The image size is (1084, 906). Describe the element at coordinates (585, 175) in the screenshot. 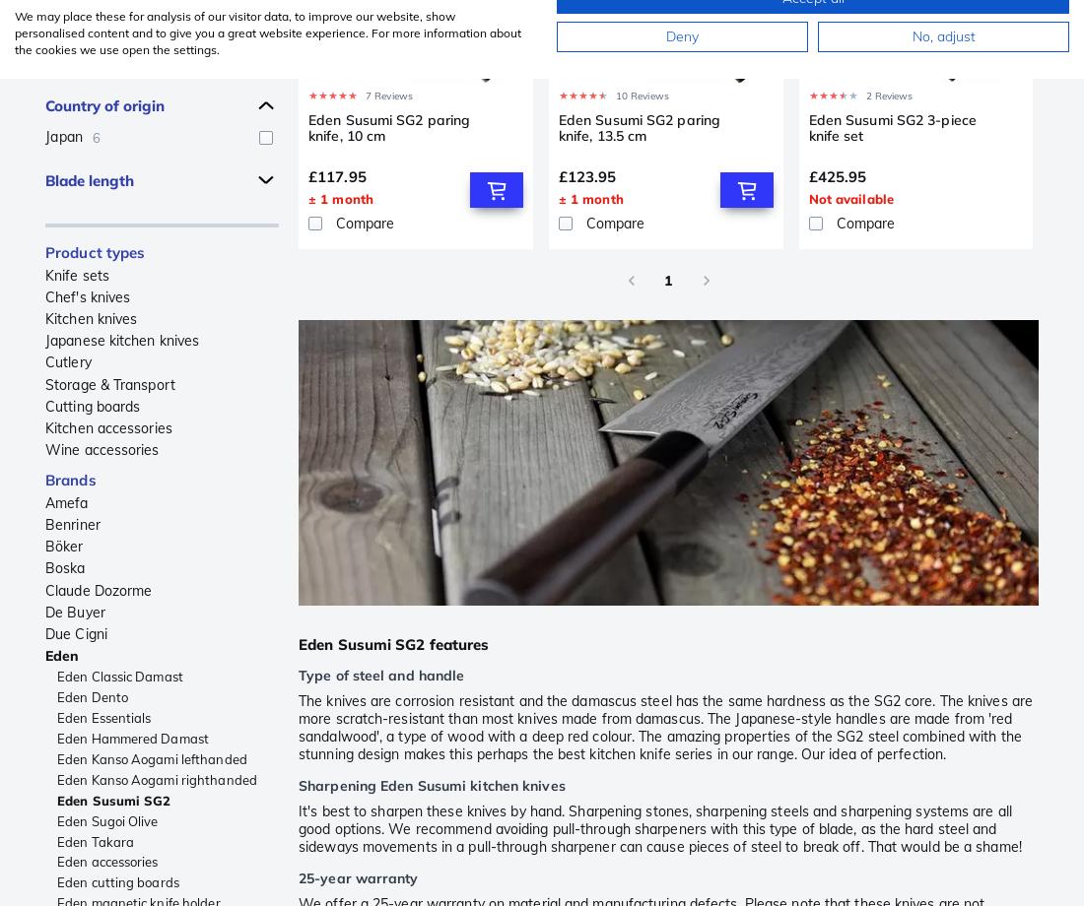

I see `'£123.95'` at that location.